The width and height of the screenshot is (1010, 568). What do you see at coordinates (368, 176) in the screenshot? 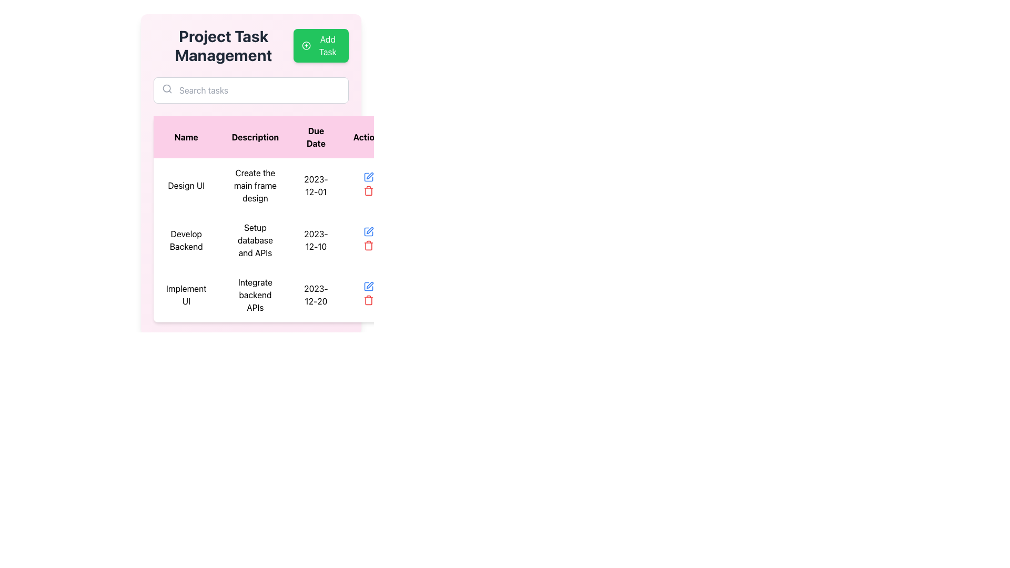
I see `the Edit Icon located in the Actions column of the table, in the first row for the task 'Design UI'` at bounding box center [368, 176].